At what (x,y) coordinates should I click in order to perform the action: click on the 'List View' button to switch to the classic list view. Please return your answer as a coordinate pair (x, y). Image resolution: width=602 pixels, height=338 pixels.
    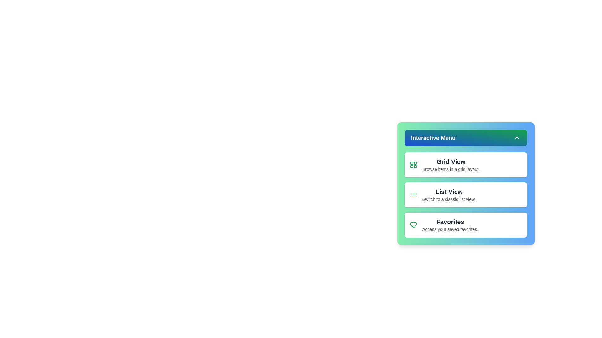
    Looking at the image, I should click on (466, 195).